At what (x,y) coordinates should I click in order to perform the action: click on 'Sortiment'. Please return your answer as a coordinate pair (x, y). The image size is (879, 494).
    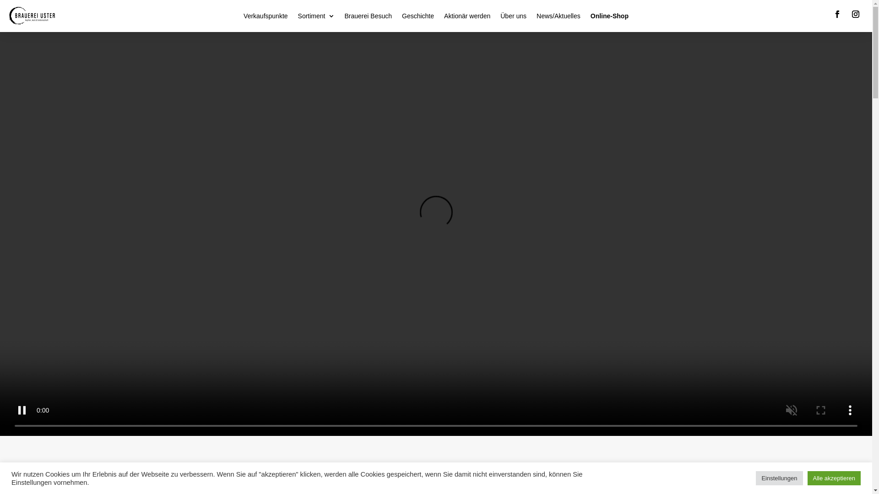
    Looking at the image, I should click on (298, 17).